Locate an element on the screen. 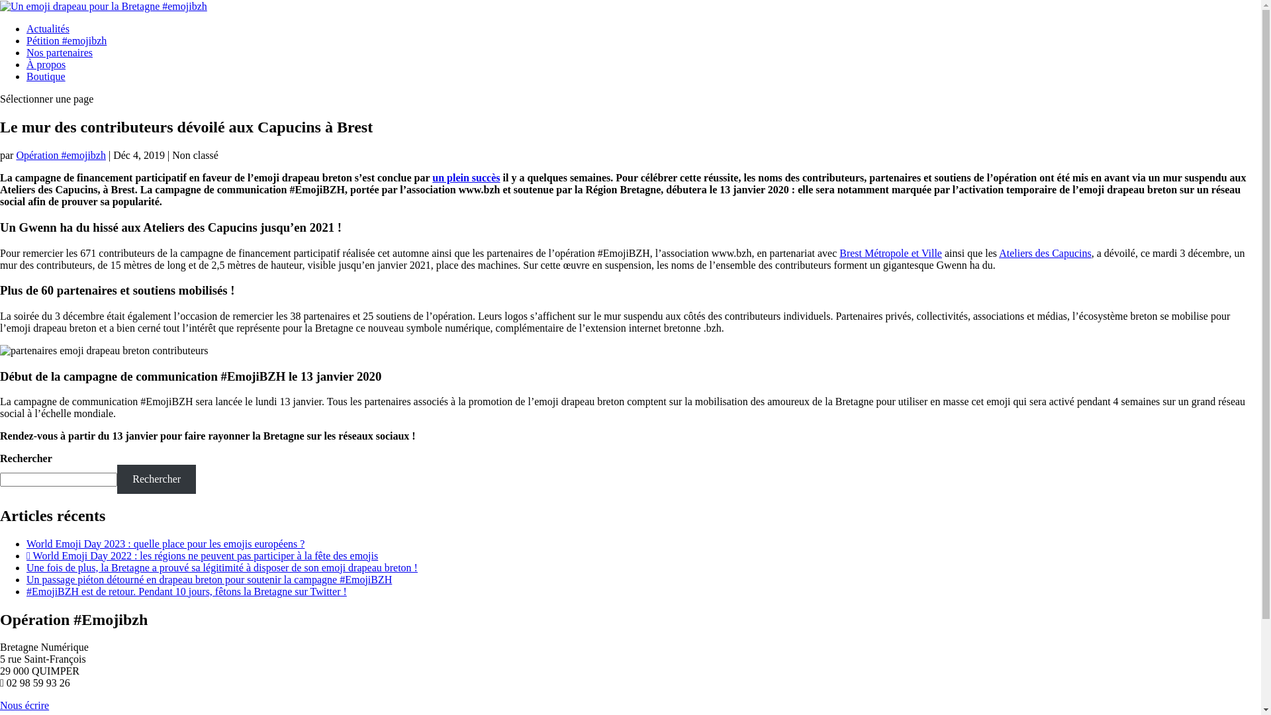  'Rechercher' is located at coordinates (156, 479).